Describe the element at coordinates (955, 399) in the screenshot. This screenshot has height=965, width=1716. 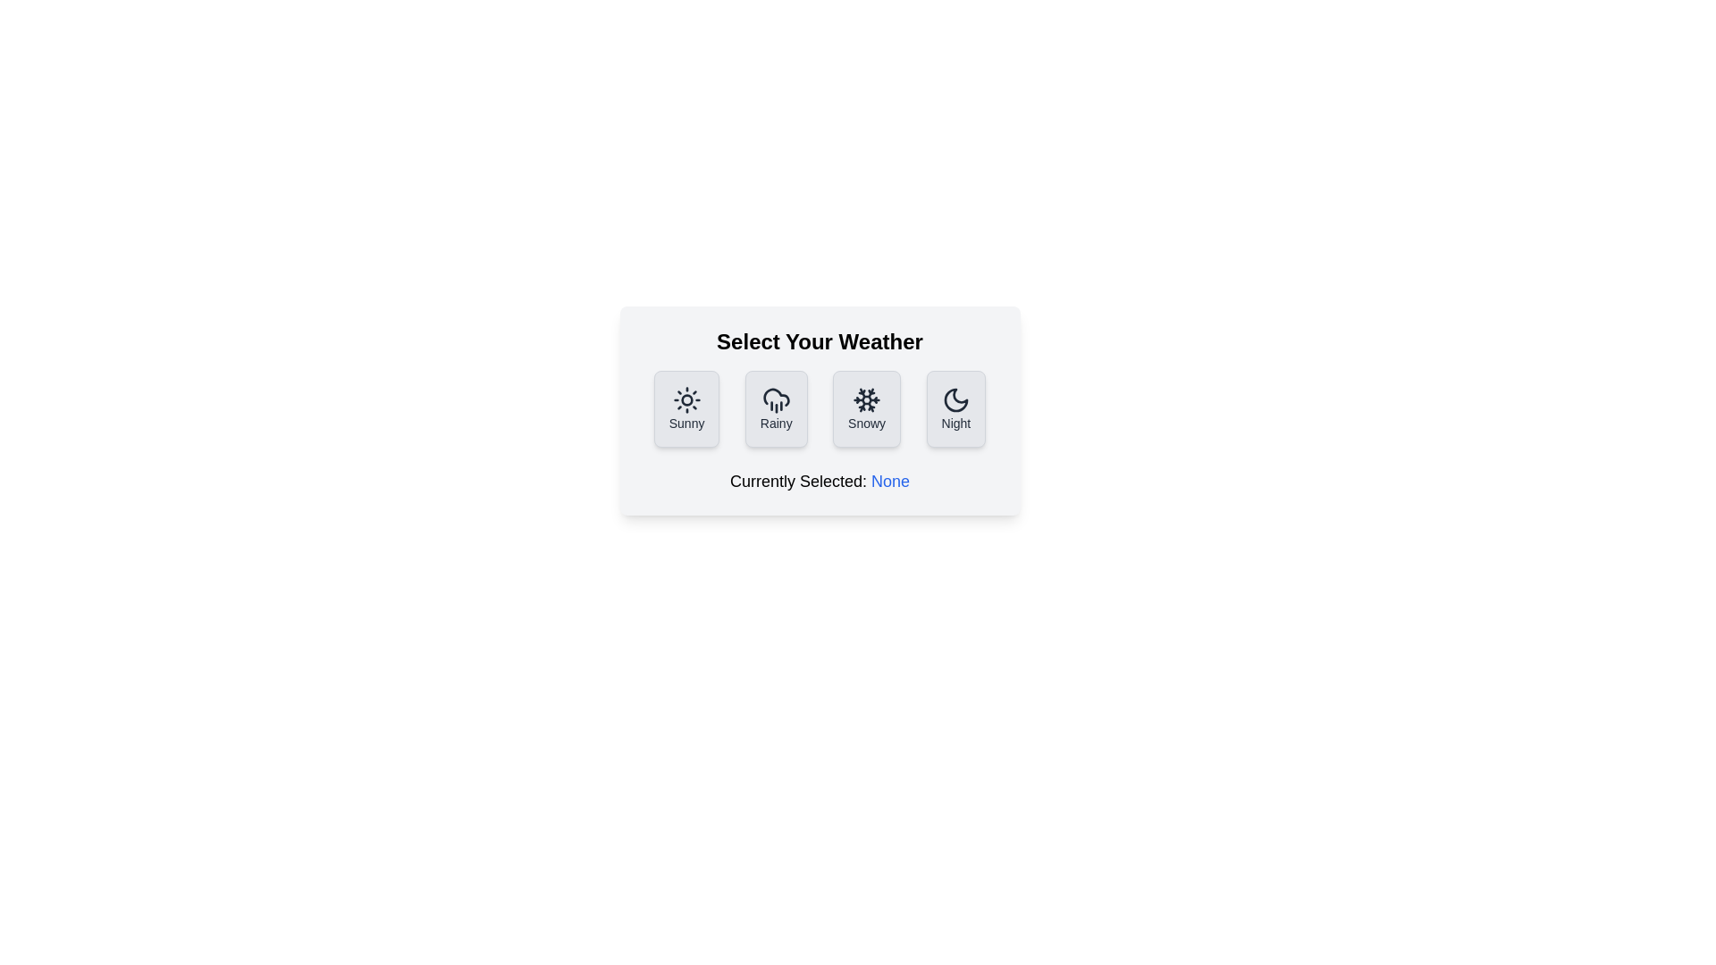
I see `the crescent moon icon within the 'Night' button` at that location.